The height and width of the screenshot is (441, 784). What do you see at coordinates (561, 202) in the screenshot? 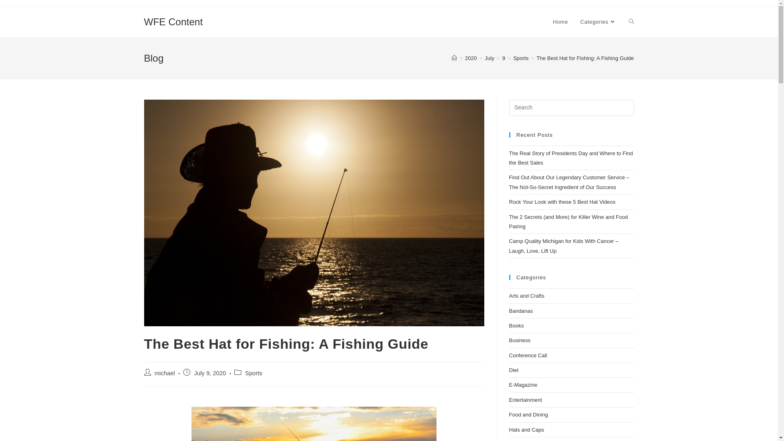
I see `'Rock Your Look with these 5 Best Hat Videos'` at bounding box center [561, 202].